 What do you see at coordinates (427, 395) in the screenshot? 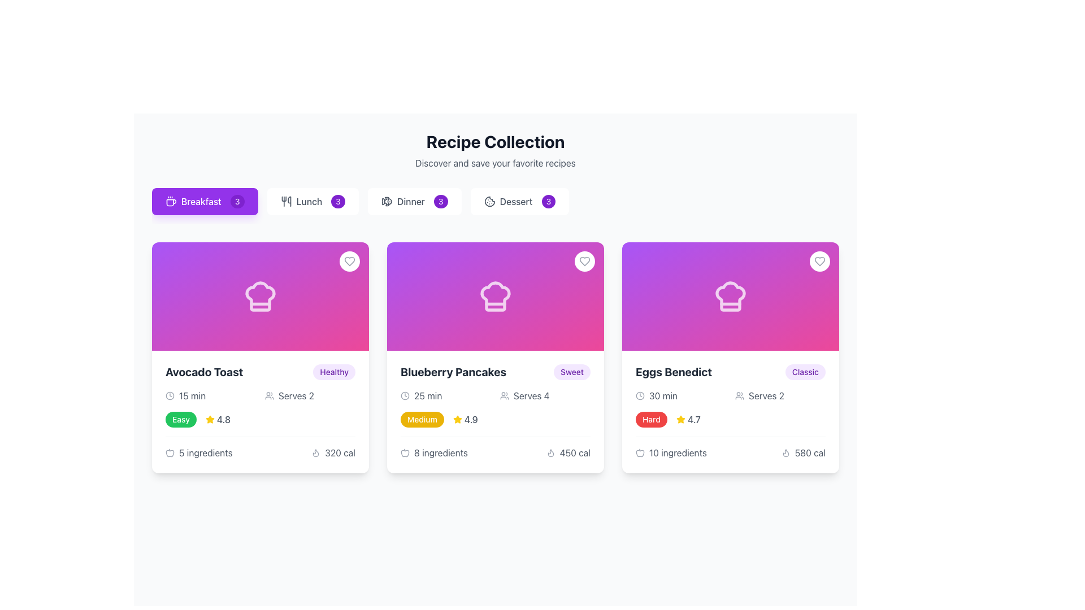
I see `text label displaying '25 min' located within the 'Blueberry Pancakes' recipe card, adjacent to the clock icon` at bounding box center [427, 395].